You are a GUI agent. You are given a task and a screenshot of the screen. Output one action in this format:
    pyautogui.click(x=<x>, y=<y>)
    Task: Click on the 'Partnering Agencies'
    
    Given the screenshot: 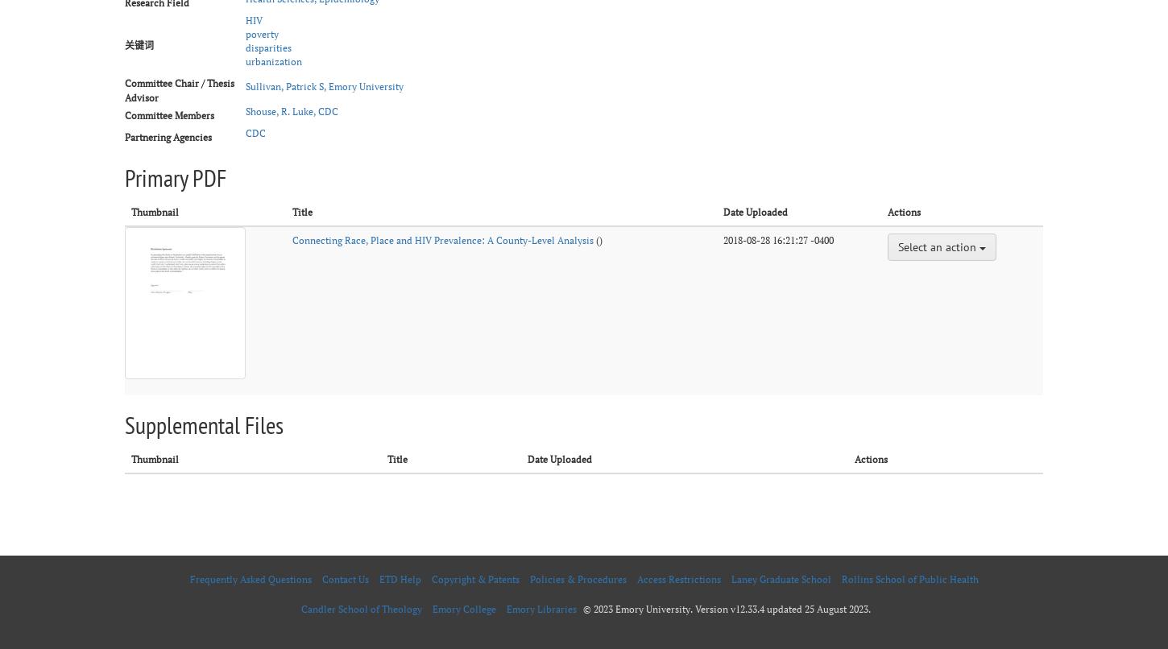 What is the action you would take?
    pyautogui.click(x=167, y=136)
    